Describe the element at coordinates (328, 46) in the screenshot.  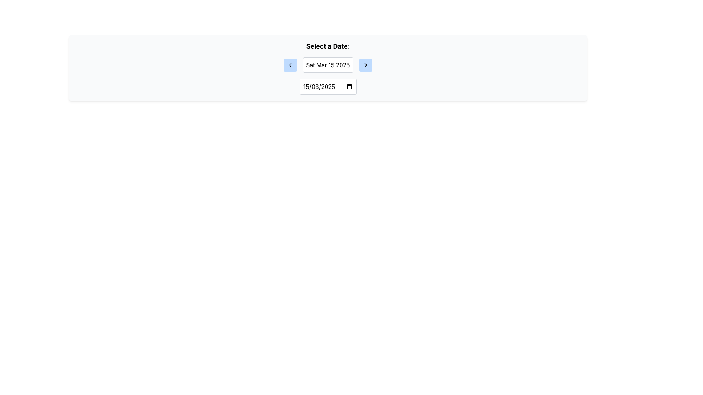
I see `the text label displaying 'Select a Date:' which is centrally positioned at the top of the date selection interface` at that location.